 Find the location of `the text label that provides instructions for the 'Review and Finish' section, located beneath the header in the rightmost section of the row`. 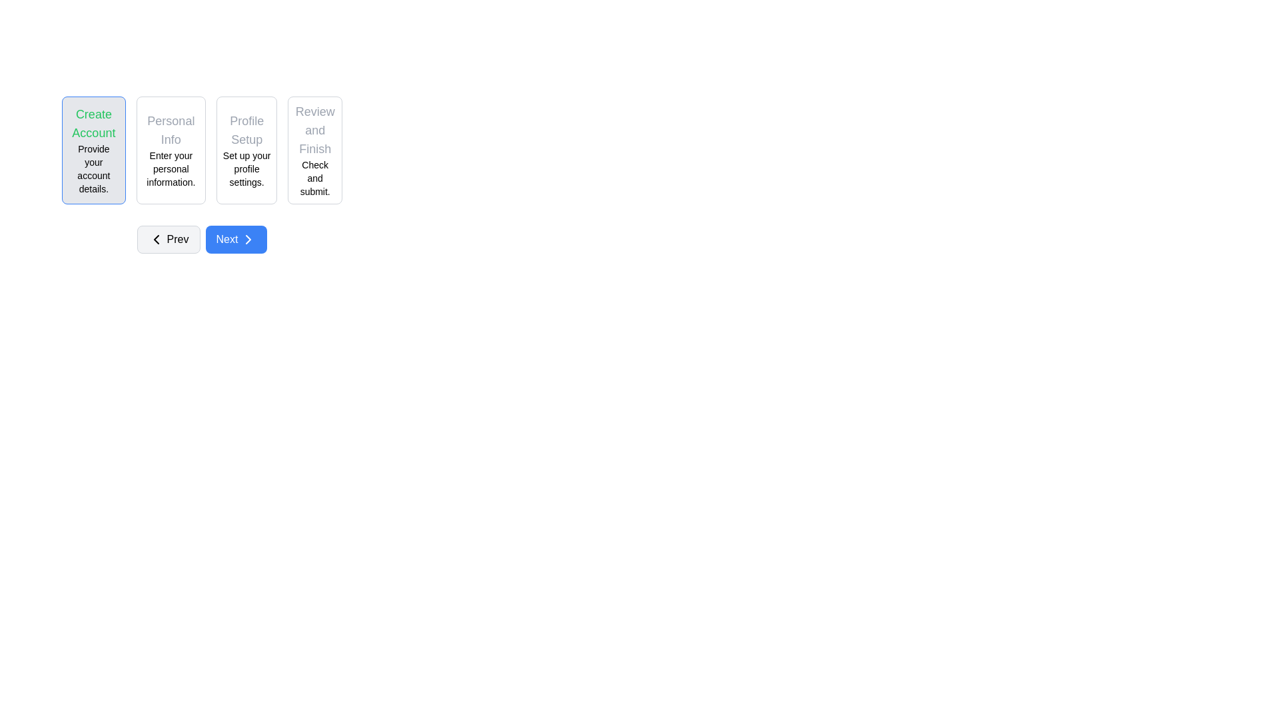

the text label that provides instructions for the 'Review and Finish' section, located beneath the header in the rightmost section of the row is located at coordinates (314, 177).